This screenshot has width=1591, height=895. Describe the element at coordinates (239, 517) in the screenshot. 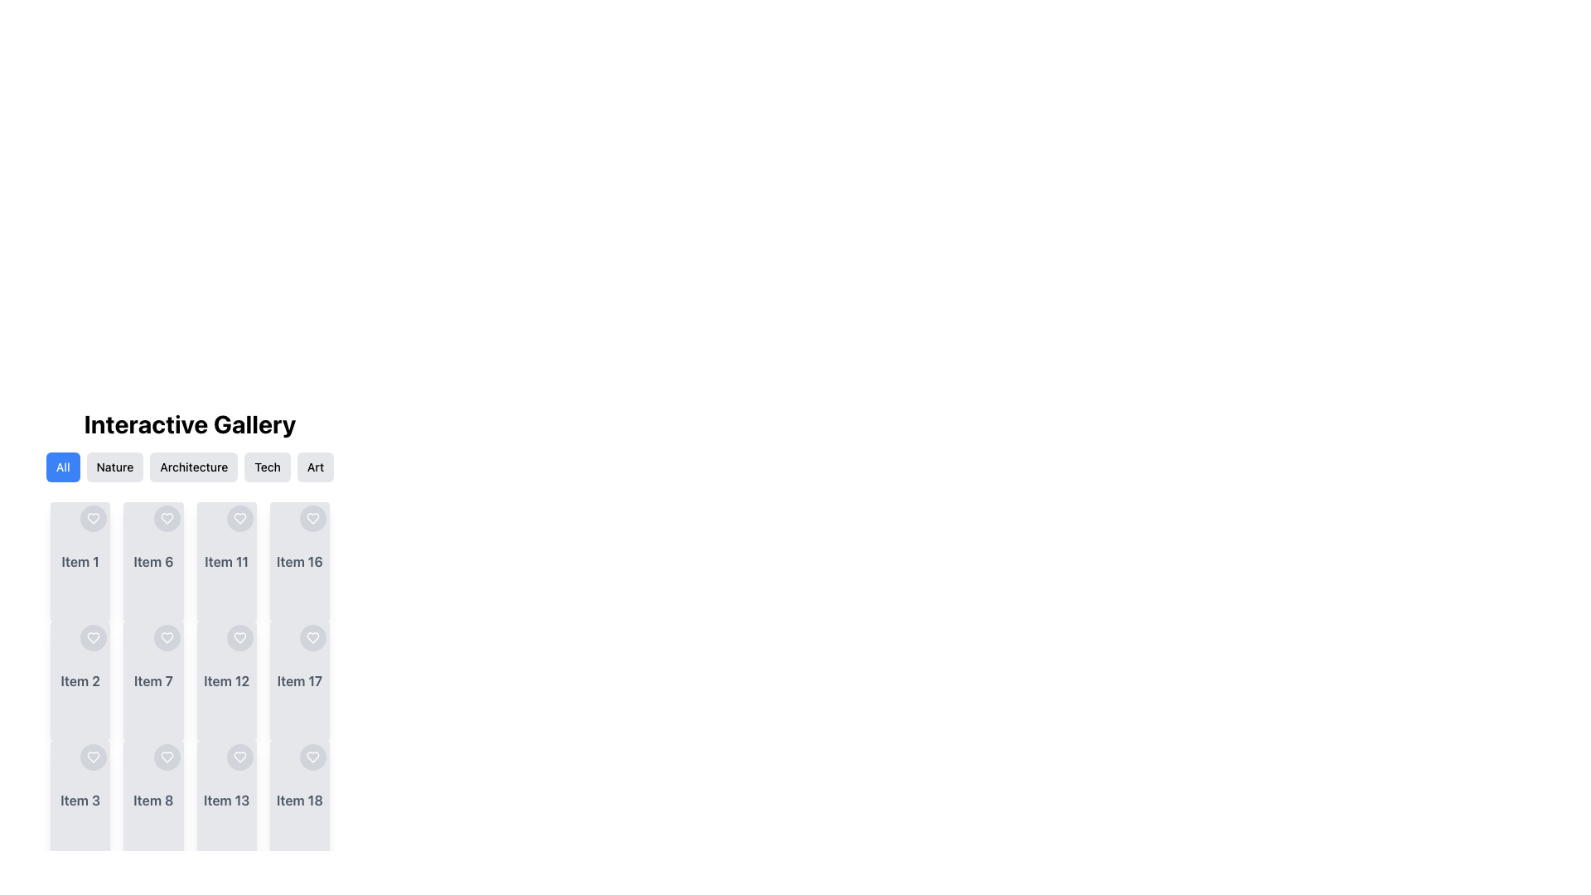

I see `the 'like' icon for 'Item 11'` at that location.